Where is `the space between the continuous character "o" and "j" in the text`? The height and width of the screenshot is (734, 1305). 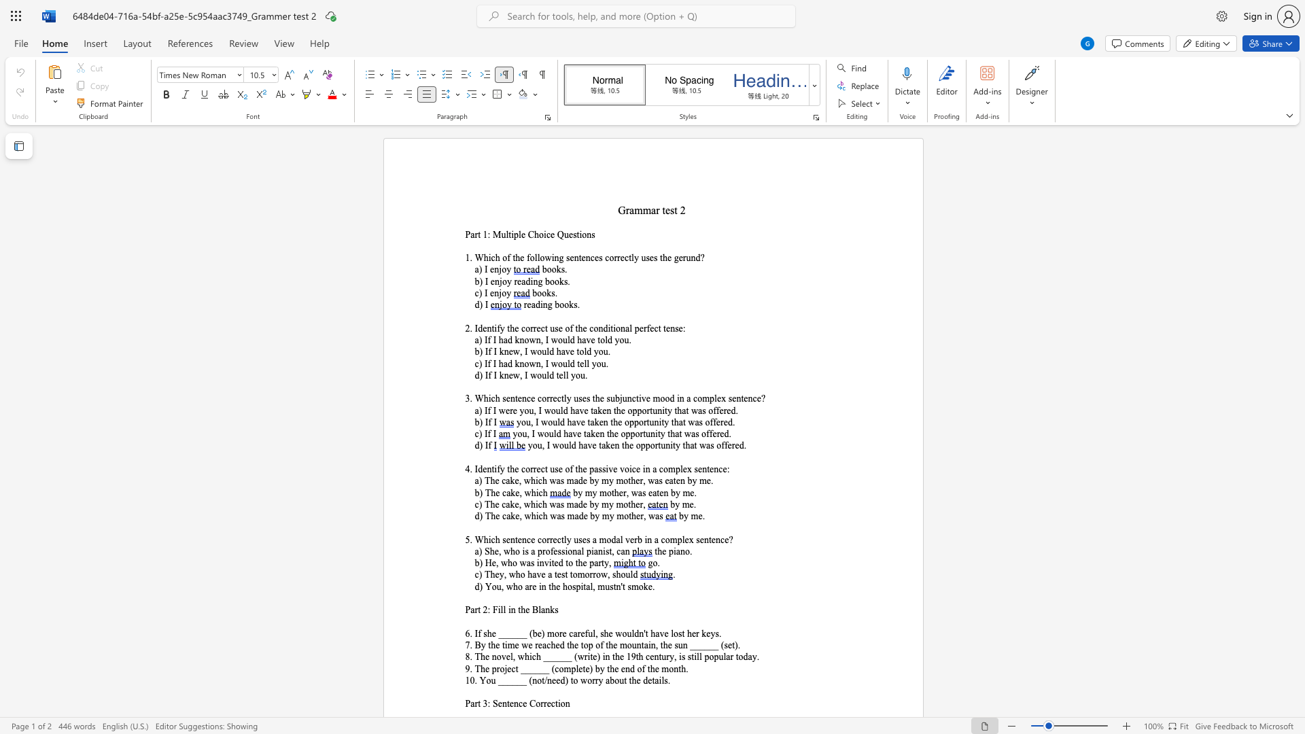 the space between the continuous character "o" and "j" in the text is located at coordinates (503, 667).